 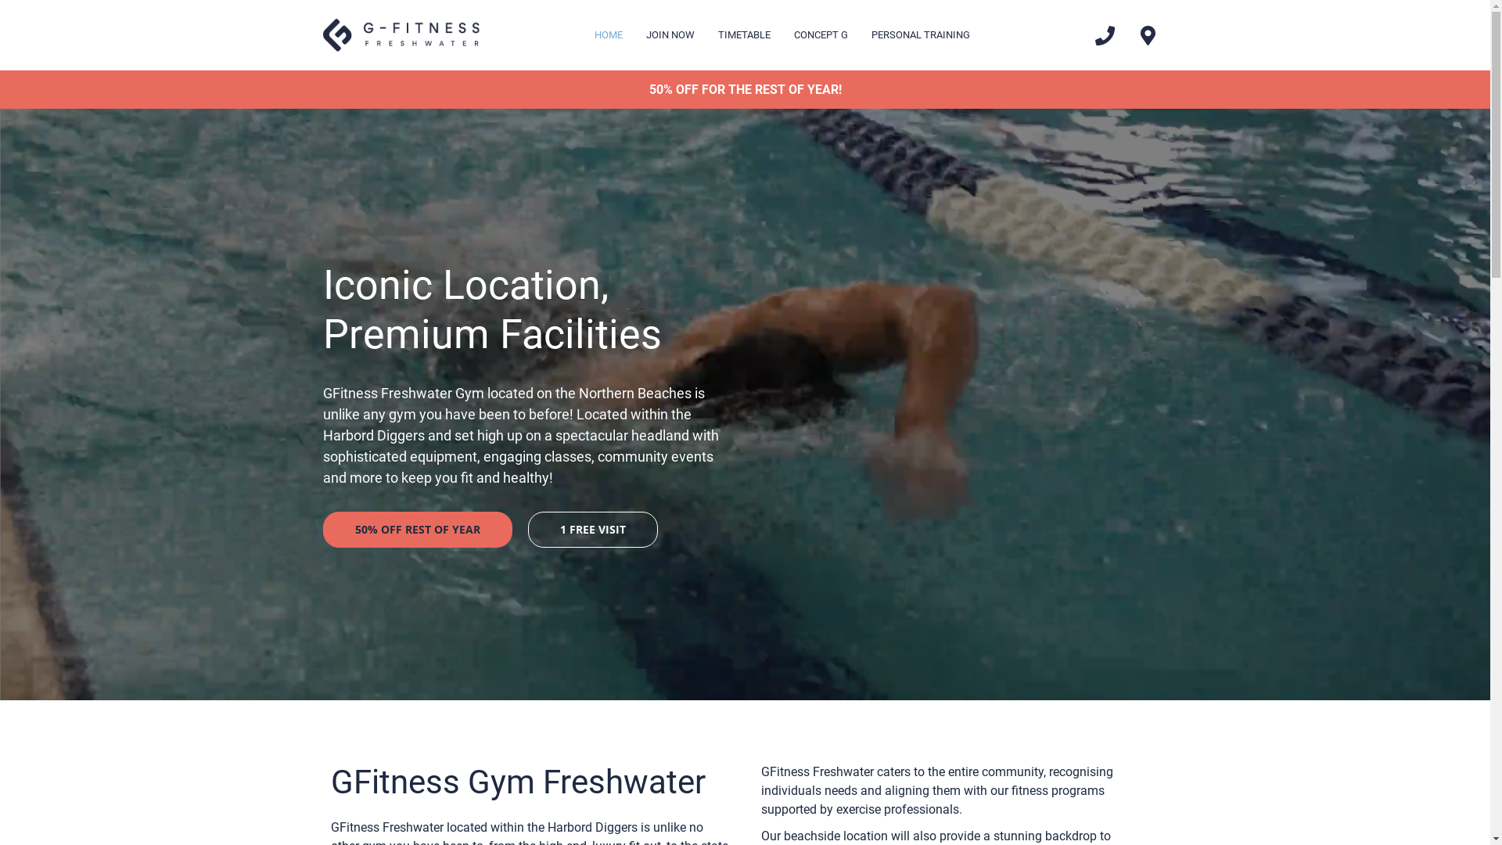 I want to click on 'TIMETABLE', so click(x=743, y=35).